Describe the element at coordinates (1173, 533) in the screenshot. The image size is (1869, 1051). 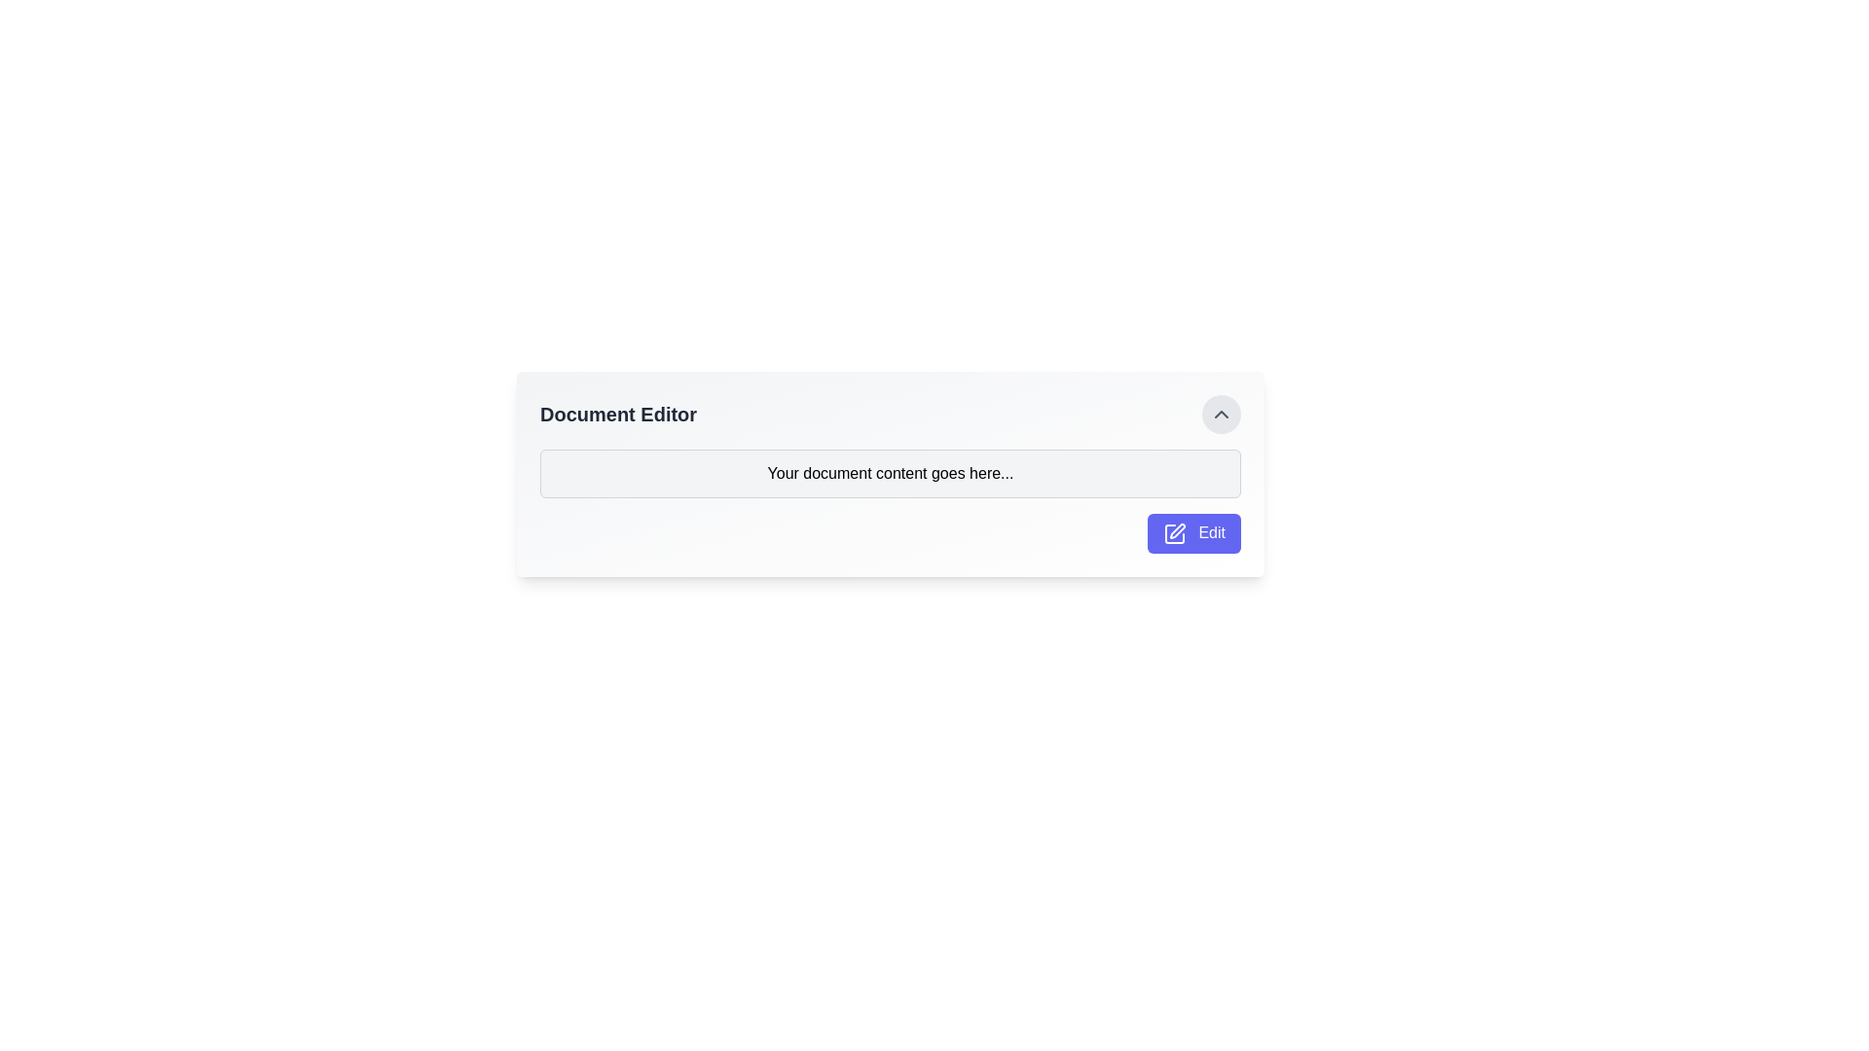
I see `the SVG icon resembling a pen or edit tool, located near the bottom-right corner of the UI, adjacent to the 'Edit' button` at that location.